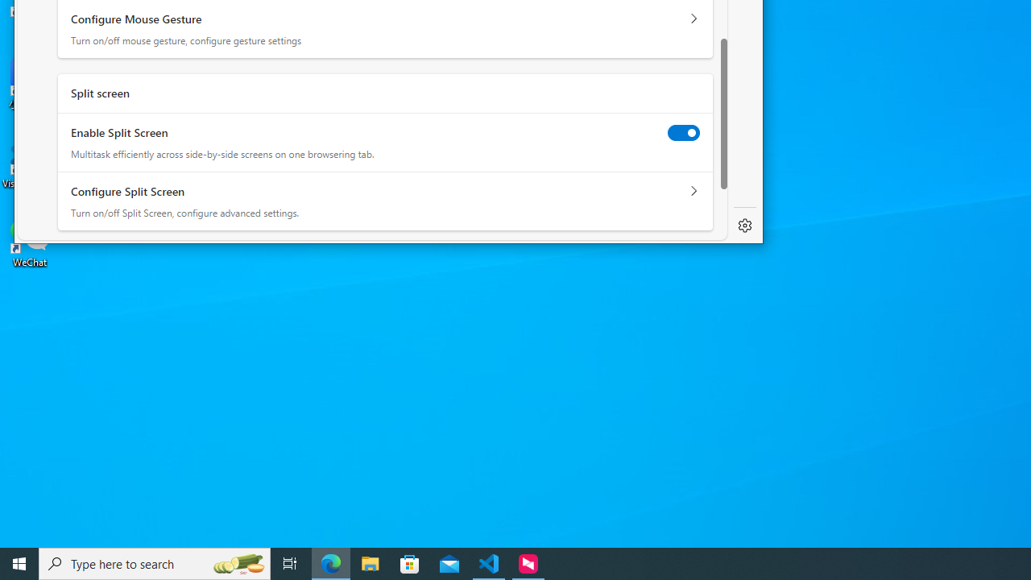 This screenshot has height=580, width=1031. Describe the element at coordinates (488, 562) in the screenshot. I see `'Visual Studio Code - 1 running window'` at that location.